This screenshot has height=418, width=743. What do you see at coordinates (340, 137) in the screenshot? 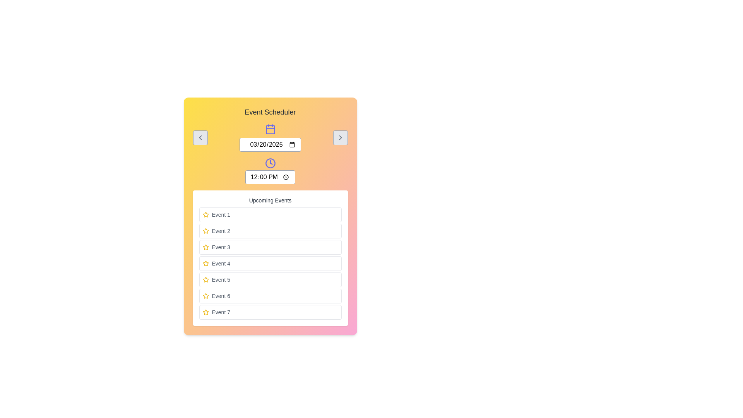
I see `the rounded rectangular gray button with a rightward arrow icon located in the top-right corner of the 'Event Scheduler' section to observe tooltip or styling changes` at bounding box center [340, 137].